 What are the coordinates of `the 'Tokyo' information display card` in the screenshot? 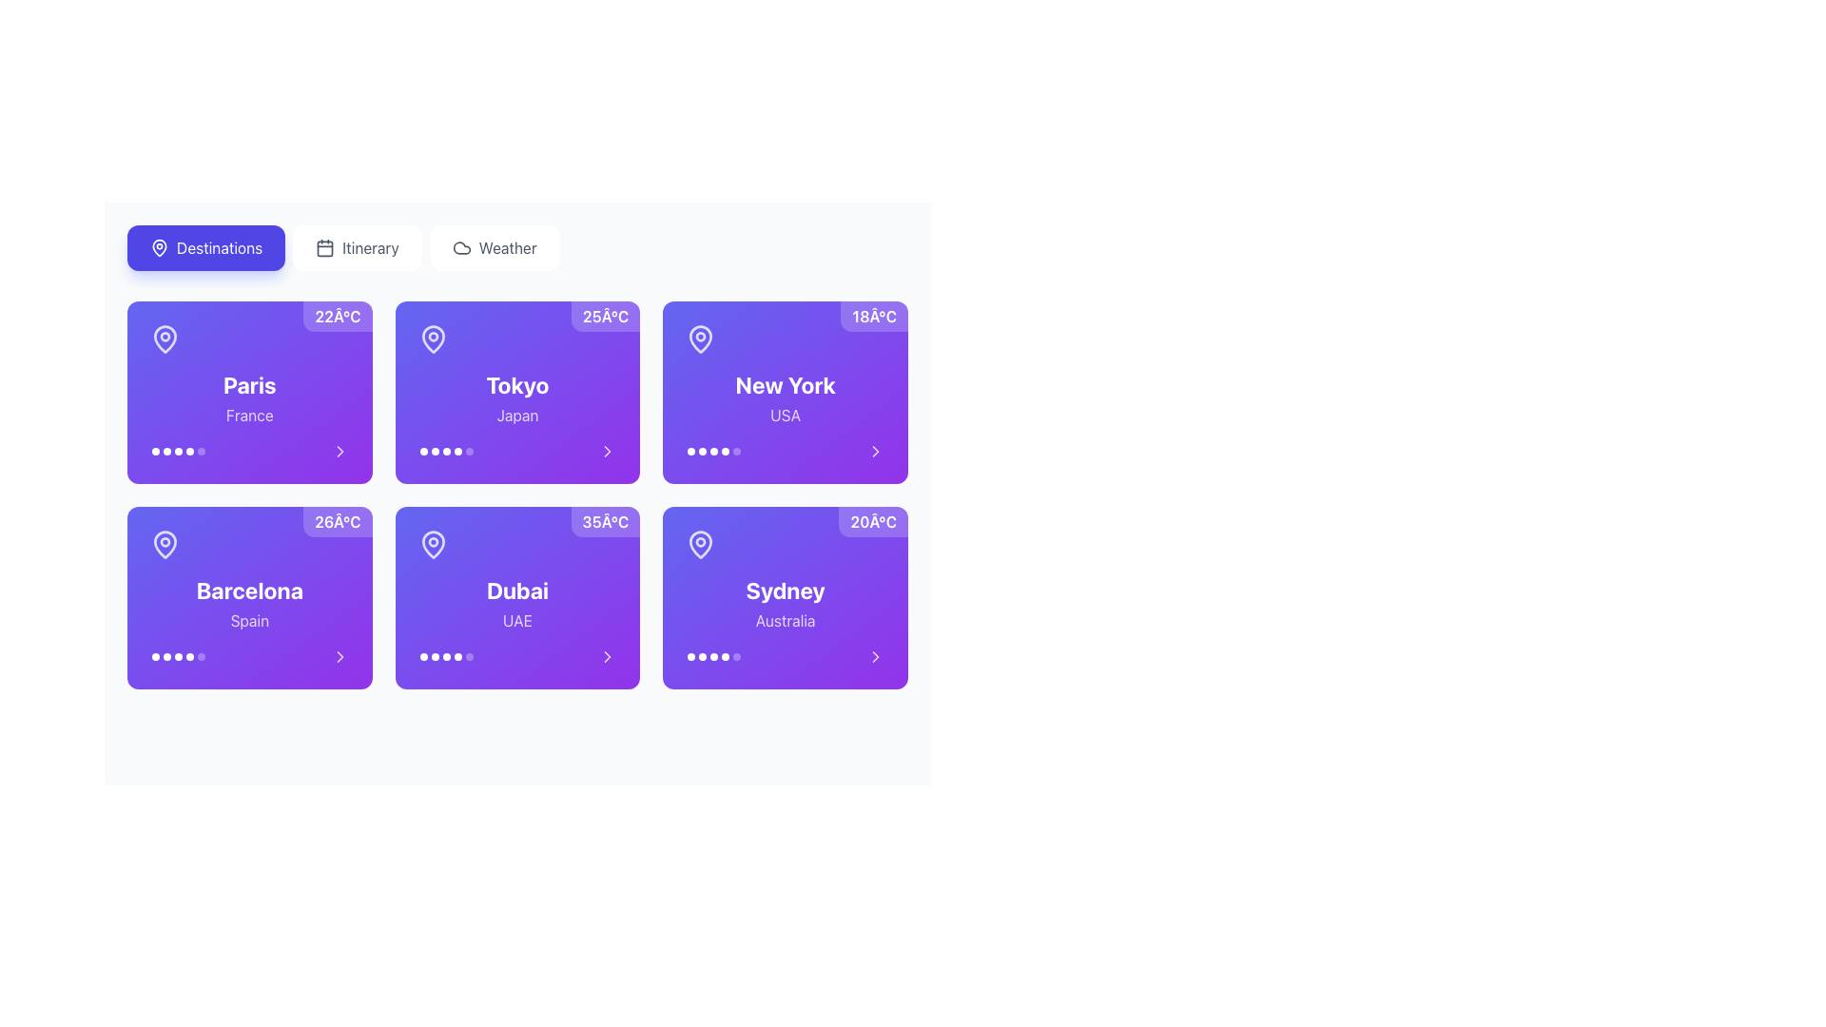 It's located at (517, 391).